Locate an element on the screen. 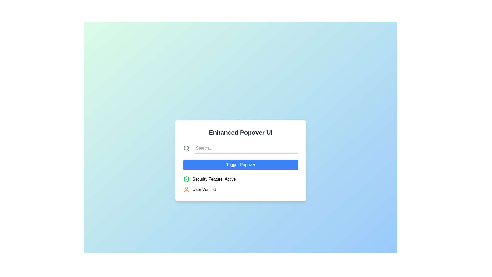  the button that triggers the popover interface element located below the search bar and above the text 'Security Feature: Active' and 'User Verified' is located at coordinates (240, 160).